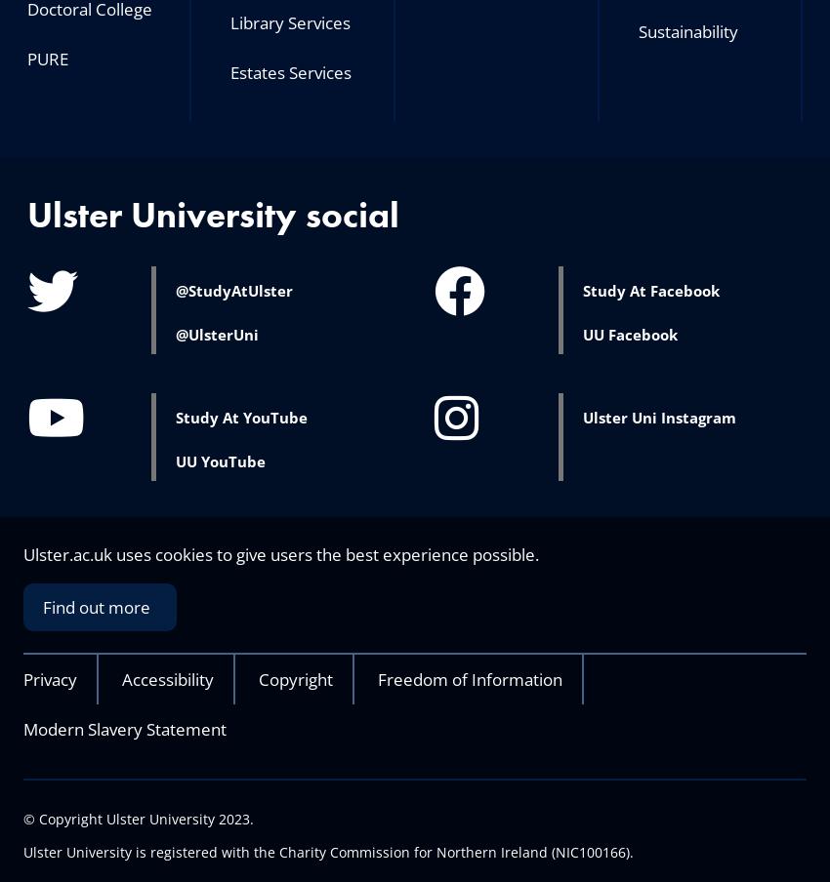  Describe the element at coordinates (174, 333) in the screenshot. I see `'@UlsterUni'` at that location.